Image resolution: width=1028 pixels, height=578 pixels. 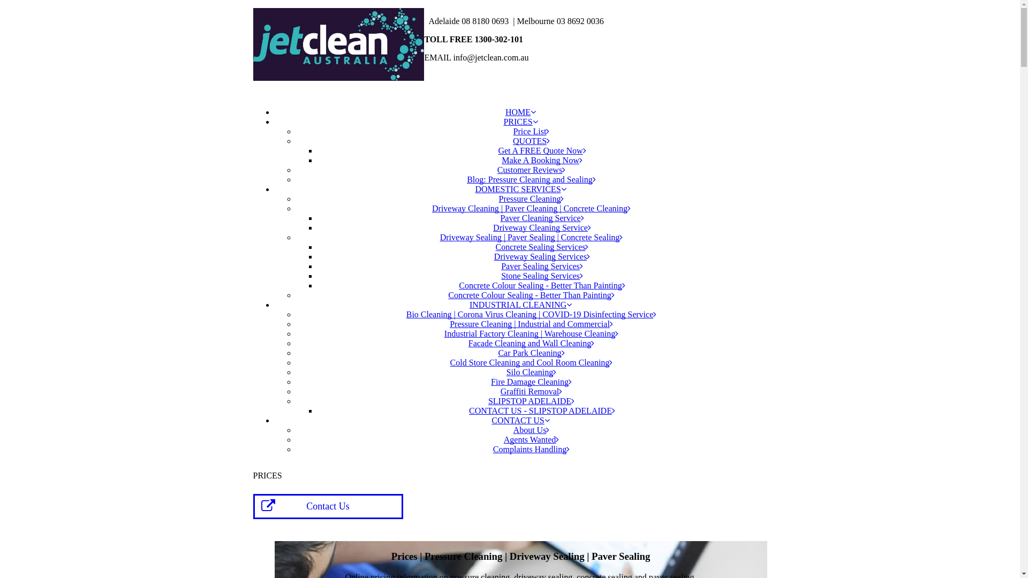 What do you see at coordinates (531, 208) in the screenshot?
I see `'Driveway Cleaning | Paver Cleaning | Concrete Cleaning'` at bounding box center [531, 208].